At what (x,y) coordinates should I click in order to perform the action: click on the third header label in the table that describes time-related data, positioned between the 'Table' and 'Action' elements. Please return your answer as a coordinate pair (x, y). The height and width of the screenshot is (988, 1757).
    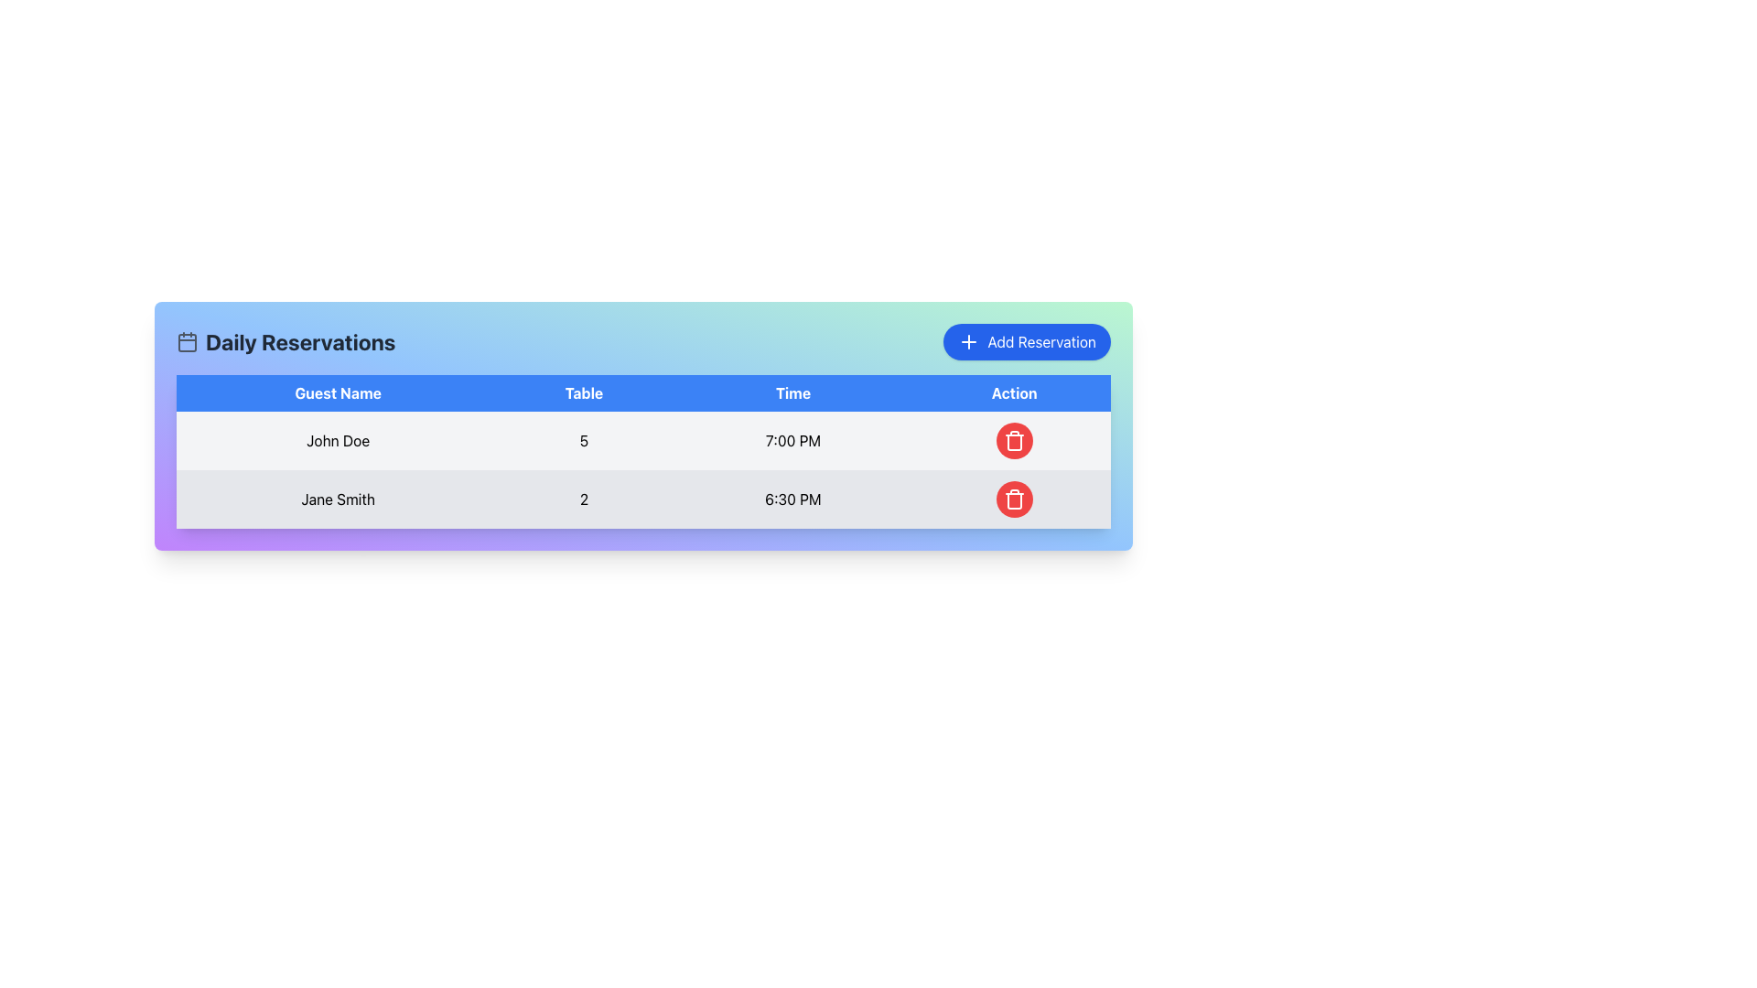
    Looking at the image, I should click on (792, 392).